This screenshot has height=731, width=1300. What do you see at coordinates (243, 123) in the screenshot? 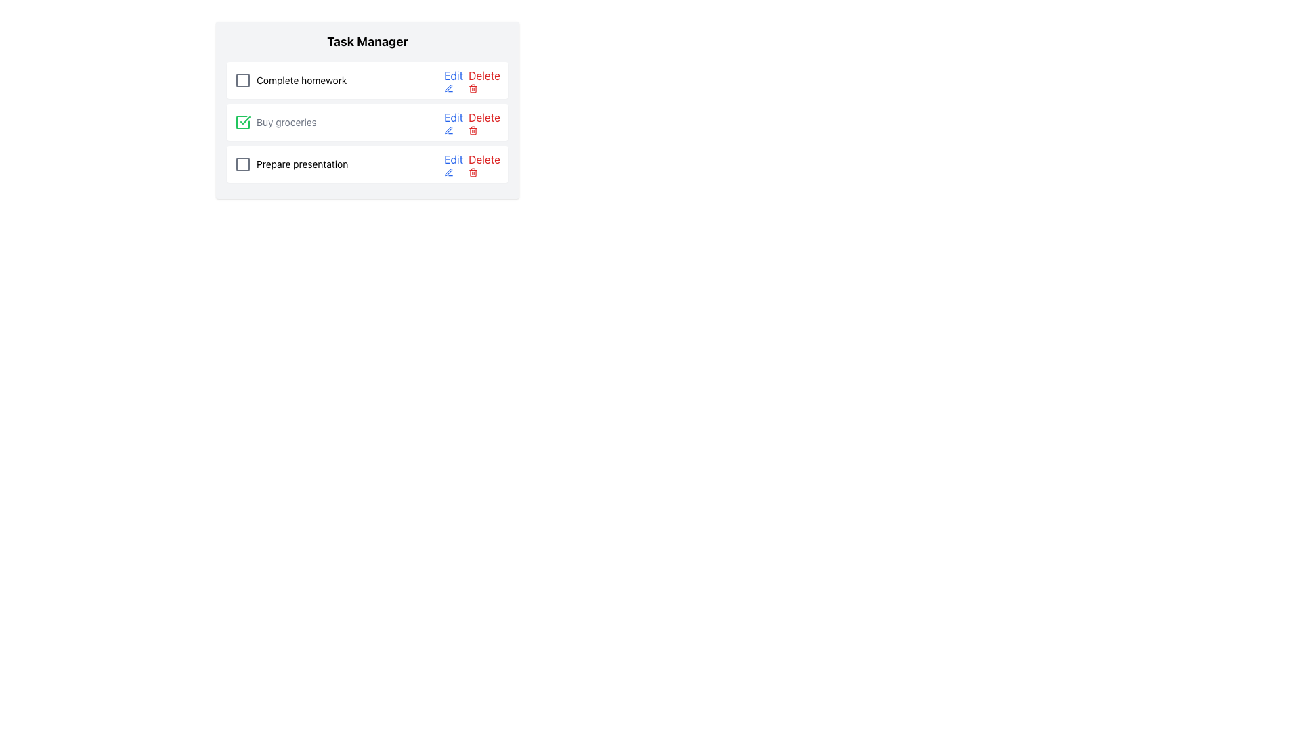
I see `the checkbox for the 'Buy groceries' task` at bounding box center [243, 123].